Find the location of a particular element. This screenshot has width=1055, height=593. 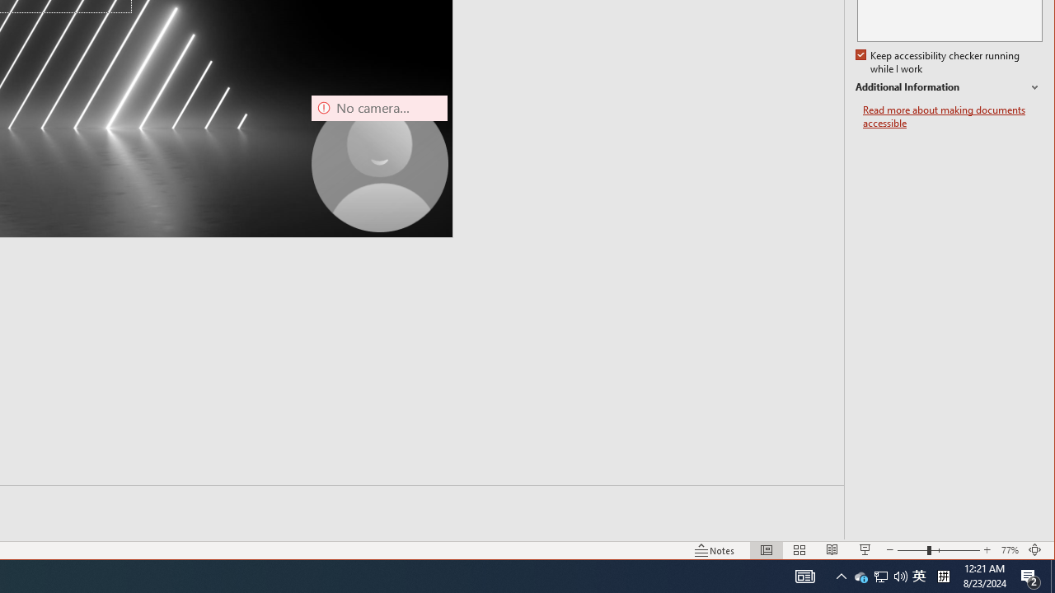

'Additional Information' is located at coordinates (949, 87).